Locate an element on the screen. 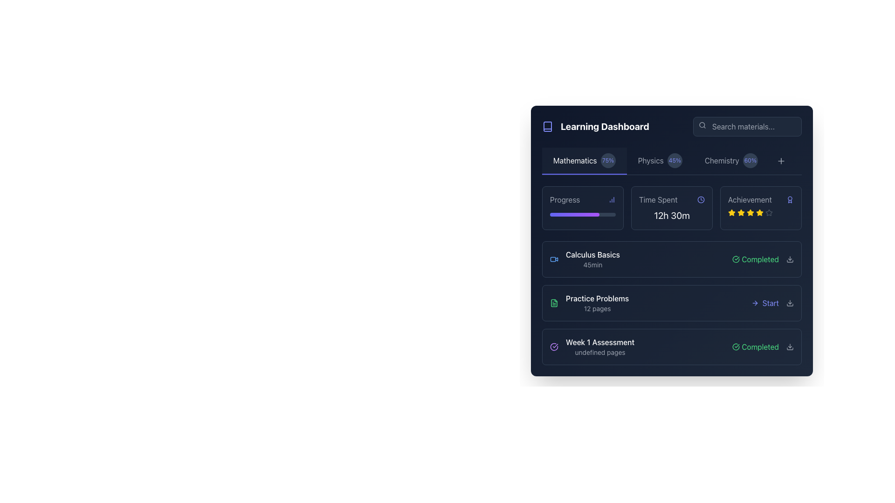 The height and width of the screenshot is (503, 895). the Rating indicator (stars) located in the Achievement section at the top-right area of the card, which consists of five stars where the first four are filled with yellow and the fifth is grayed out is located at coordinates (761, 212).